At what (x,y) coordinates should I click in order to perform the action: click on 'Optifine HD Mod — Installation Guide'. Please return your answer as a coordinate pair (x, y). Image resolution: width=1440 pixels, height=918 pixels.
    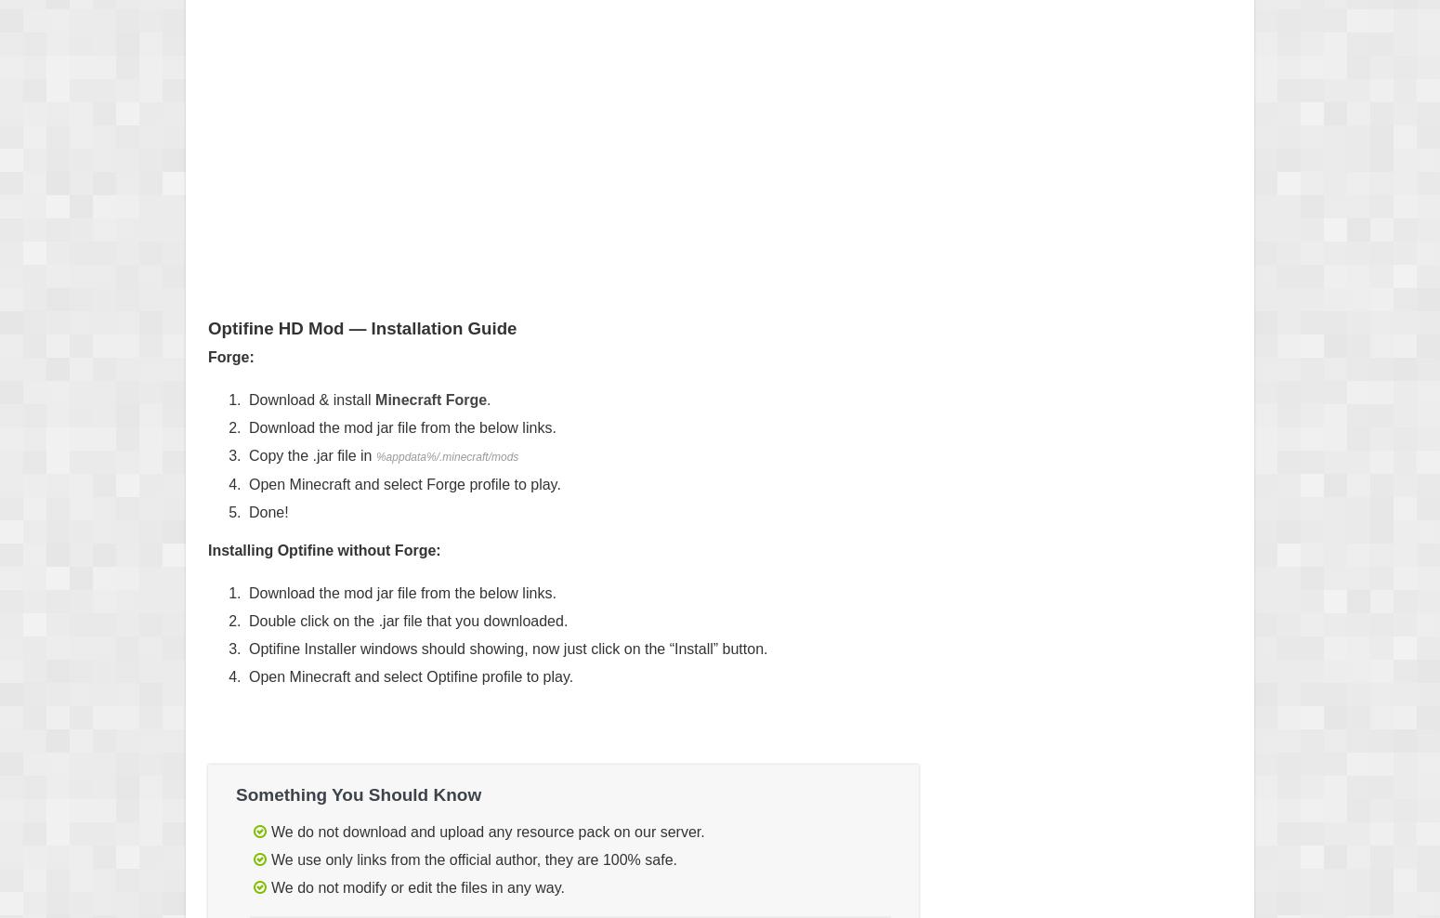
    Looking at the image, I should click on (361, 328).